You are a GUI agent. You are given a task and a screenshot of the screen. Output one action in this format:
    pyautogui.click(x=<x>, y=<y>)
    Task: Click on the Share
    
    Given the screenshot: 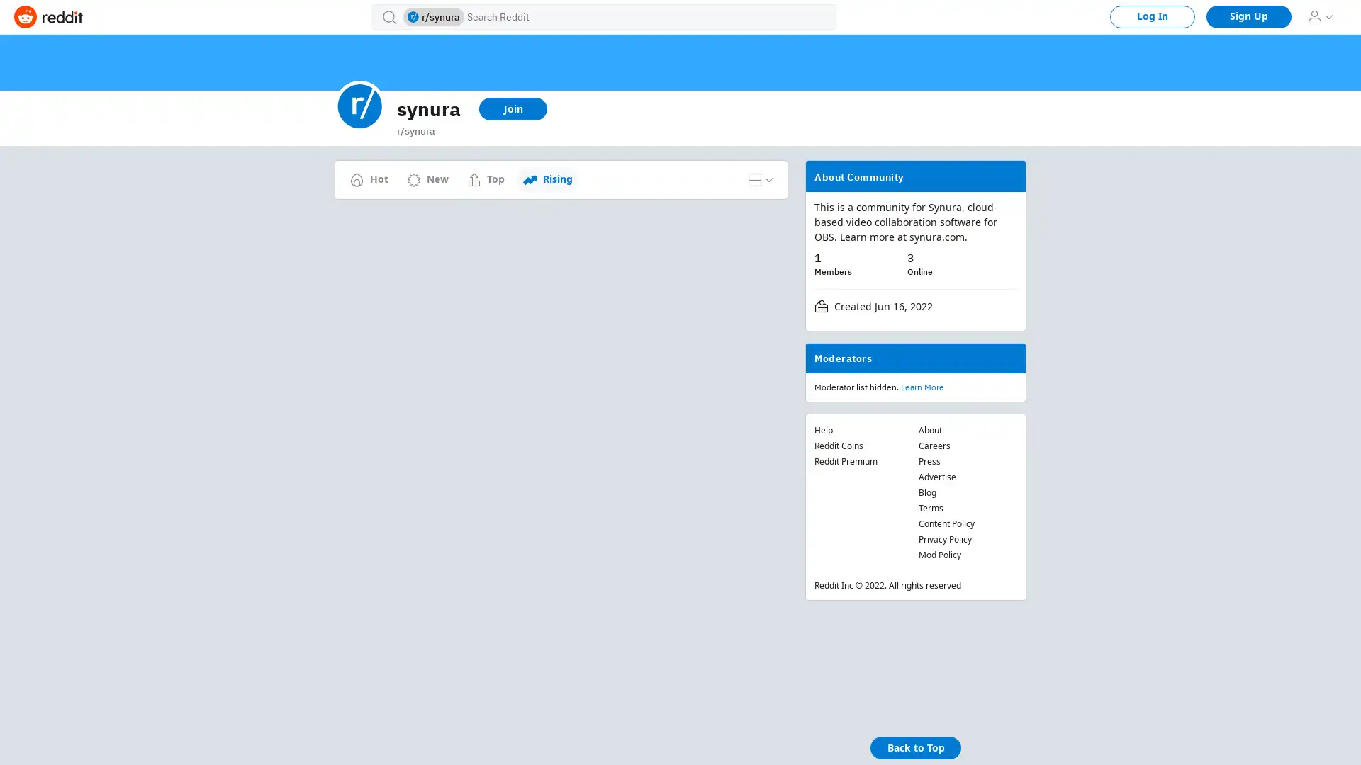 What is the action you would take?
    pyautogui.click(x=472, y=285)
    